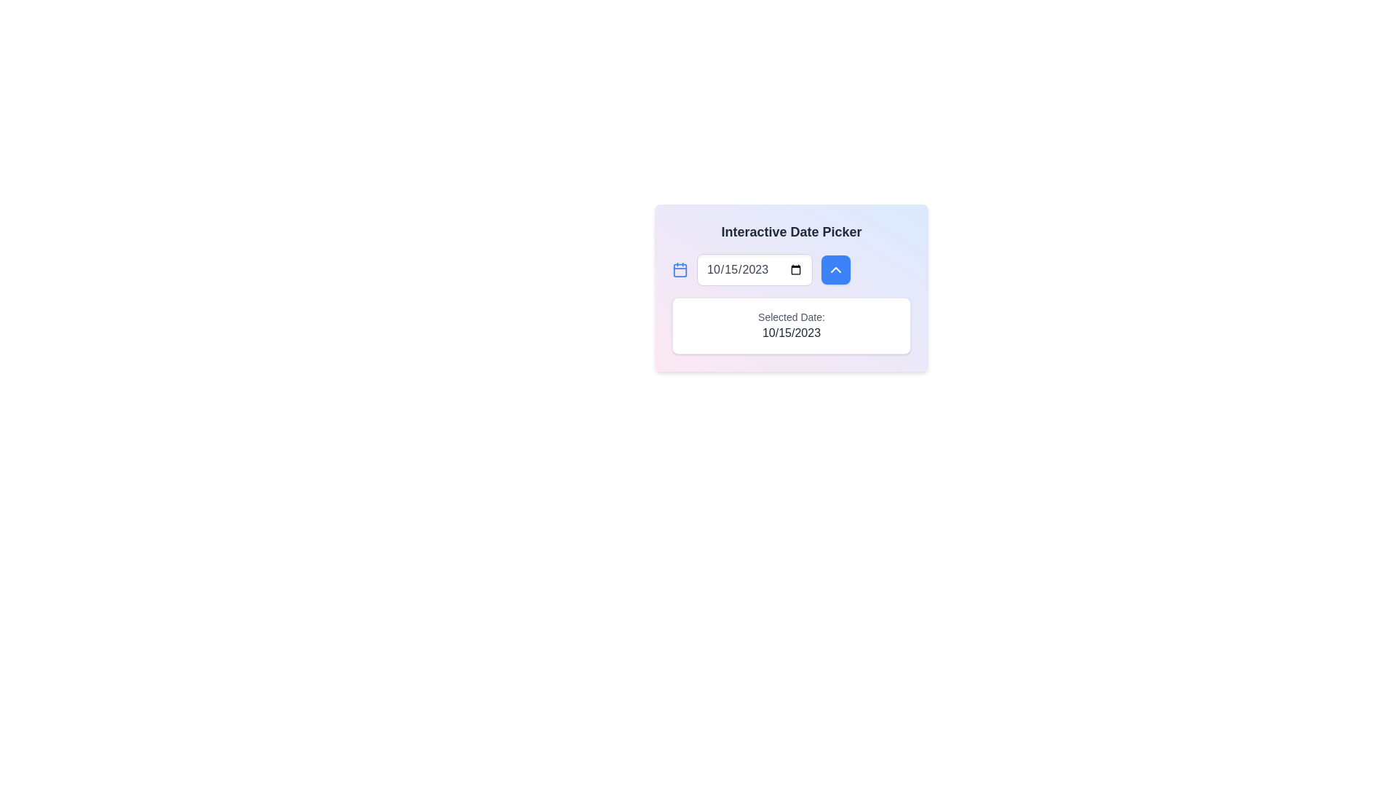 Image resolution: width=1397 pixels, height=786 pixels. Describe the element at coordinates (835, 269) in the screenshot. I see `the small blue button with a white upward-pointing chevron icon, located at the right end of the date selection input field` at that location.